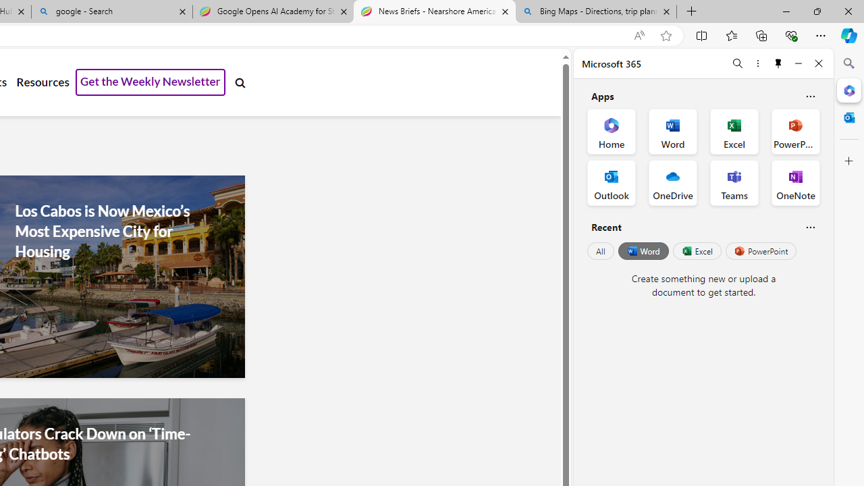 The width and height of the screenshot is (864, 486). What do you see at coordinates (43, 82) in the screenshot?
I see `'Resources'` at bounding box center [43, 82].